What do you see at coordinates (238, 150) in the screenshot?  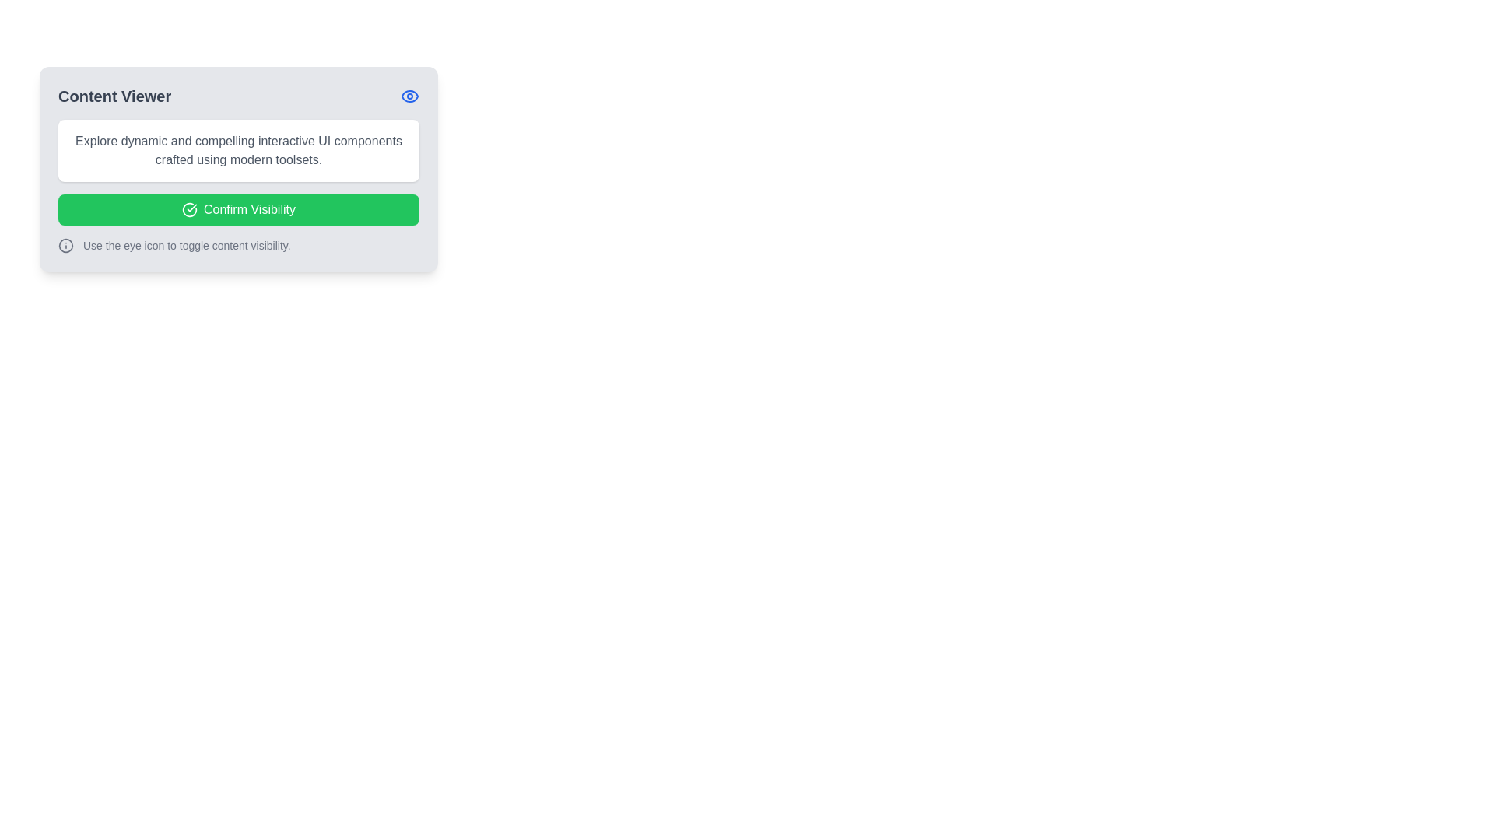 I see `the text box with rounded corners and a white background that contains the paragraph: 'Explore dynamic and compelling interactive UI components crafted using modern toolsets.'` at bounding box center [238, 150].